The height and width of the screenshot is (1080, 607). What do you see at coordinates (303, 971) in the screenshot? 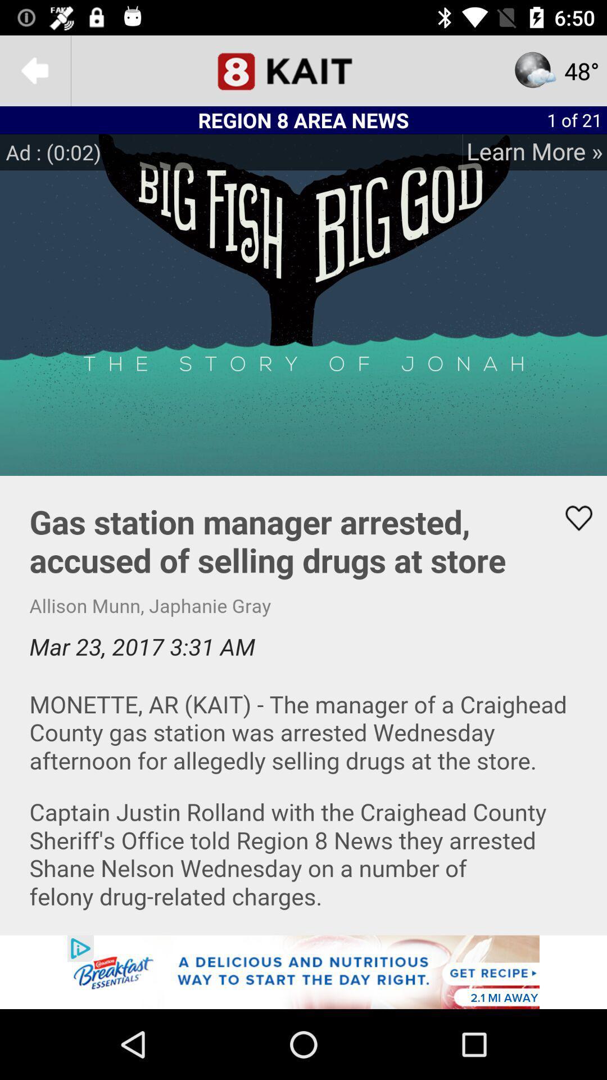
I see `the advertisement` at bounding box center [303, 971].